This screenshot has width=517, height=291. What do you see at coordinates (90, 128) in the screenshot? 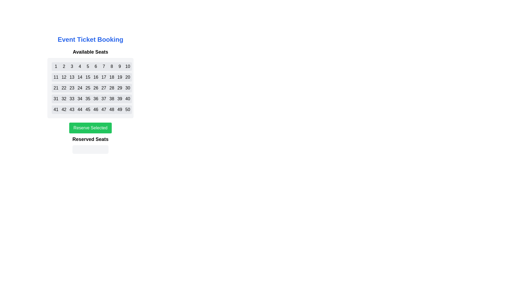
I see `the 'Reserve Selected' button to reserve the selected seats` at bounding box center [90, 128].